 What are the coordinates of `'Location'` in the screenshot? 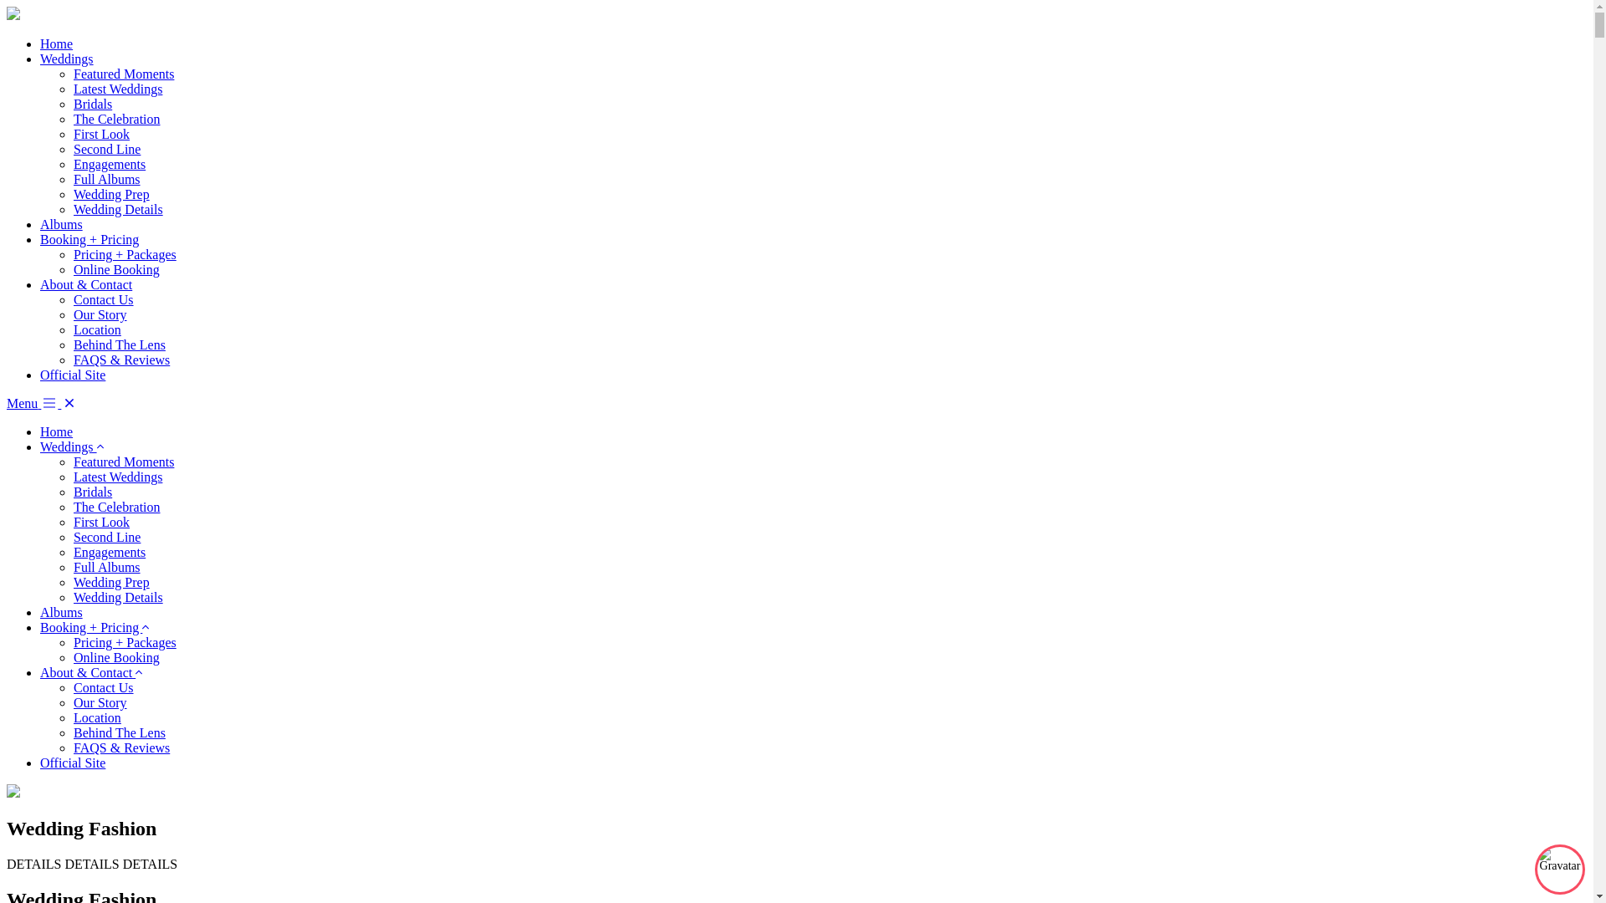 It's located at (96, 329).